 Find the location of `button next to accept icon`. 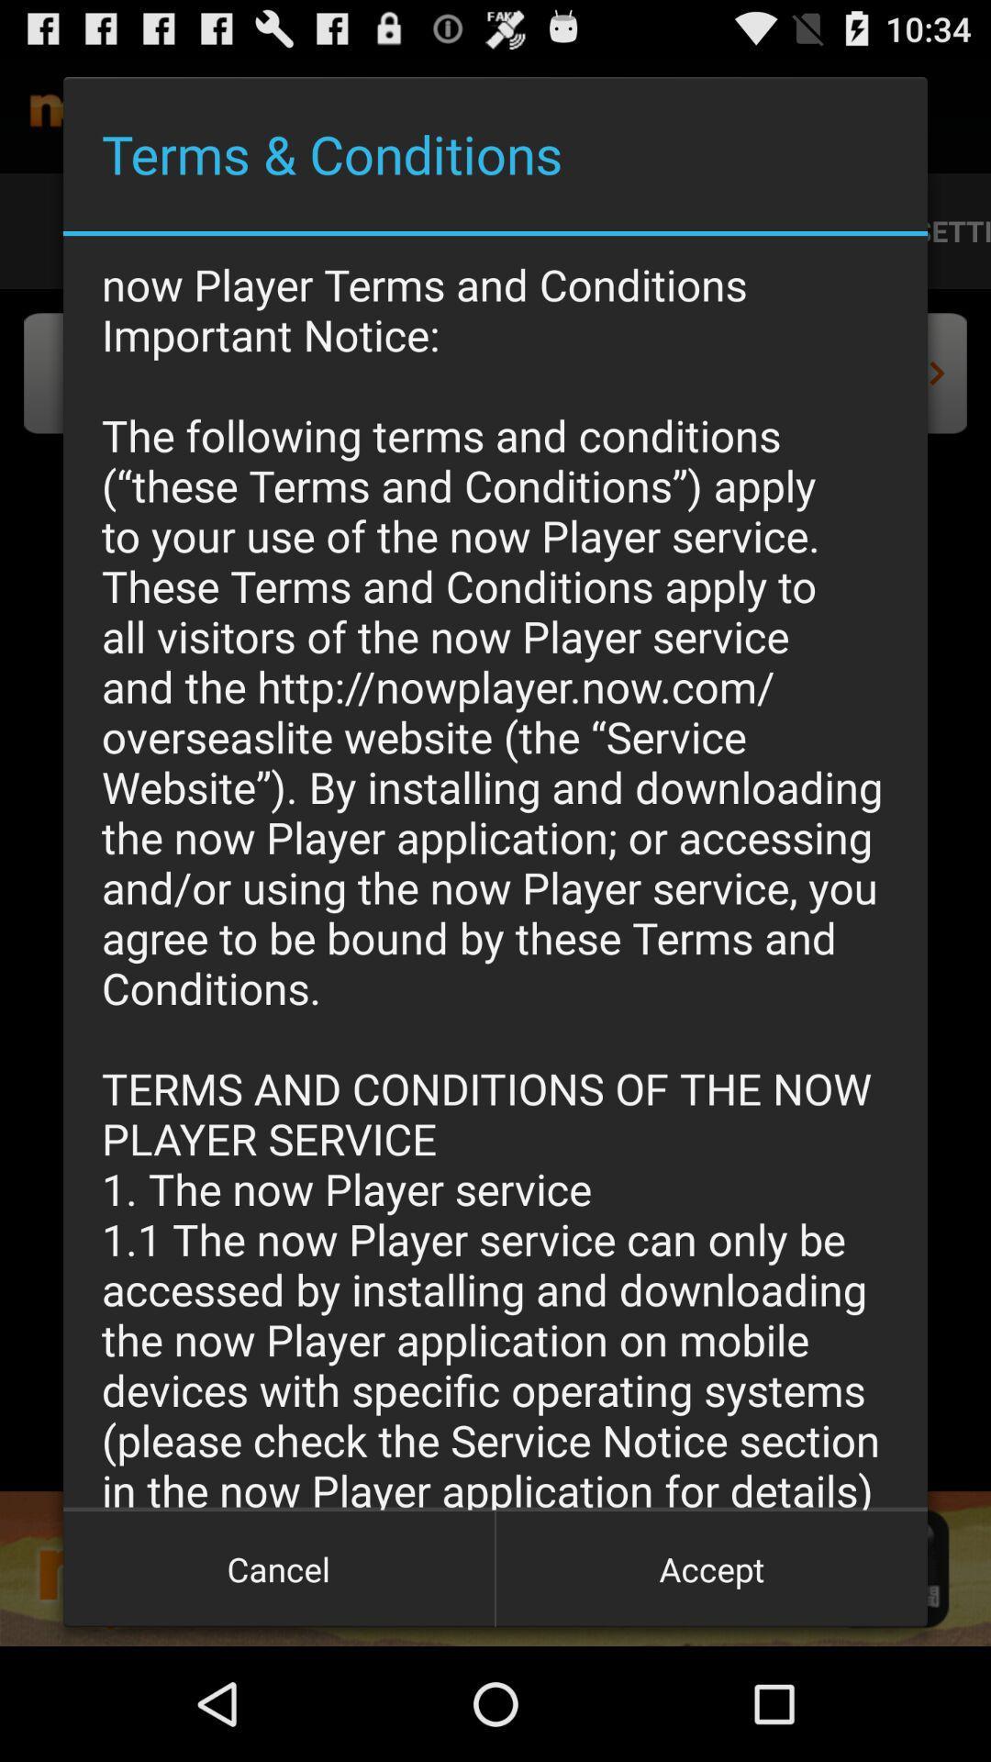

button next to accept icon is located at coordinates (279, 1567).